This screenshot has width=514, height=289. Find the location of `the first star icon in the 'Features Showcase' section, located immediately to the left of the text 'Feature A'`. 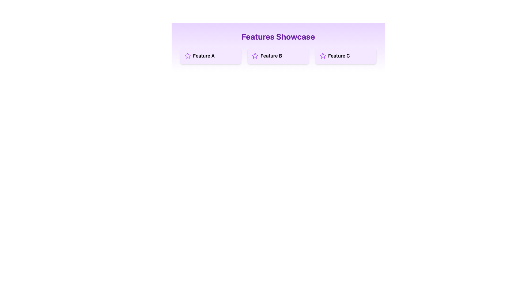

the first star icon in the 'Features Showcase' section, located immediately to the left of the text 'Feature A' is located at coordinates (187, 56).